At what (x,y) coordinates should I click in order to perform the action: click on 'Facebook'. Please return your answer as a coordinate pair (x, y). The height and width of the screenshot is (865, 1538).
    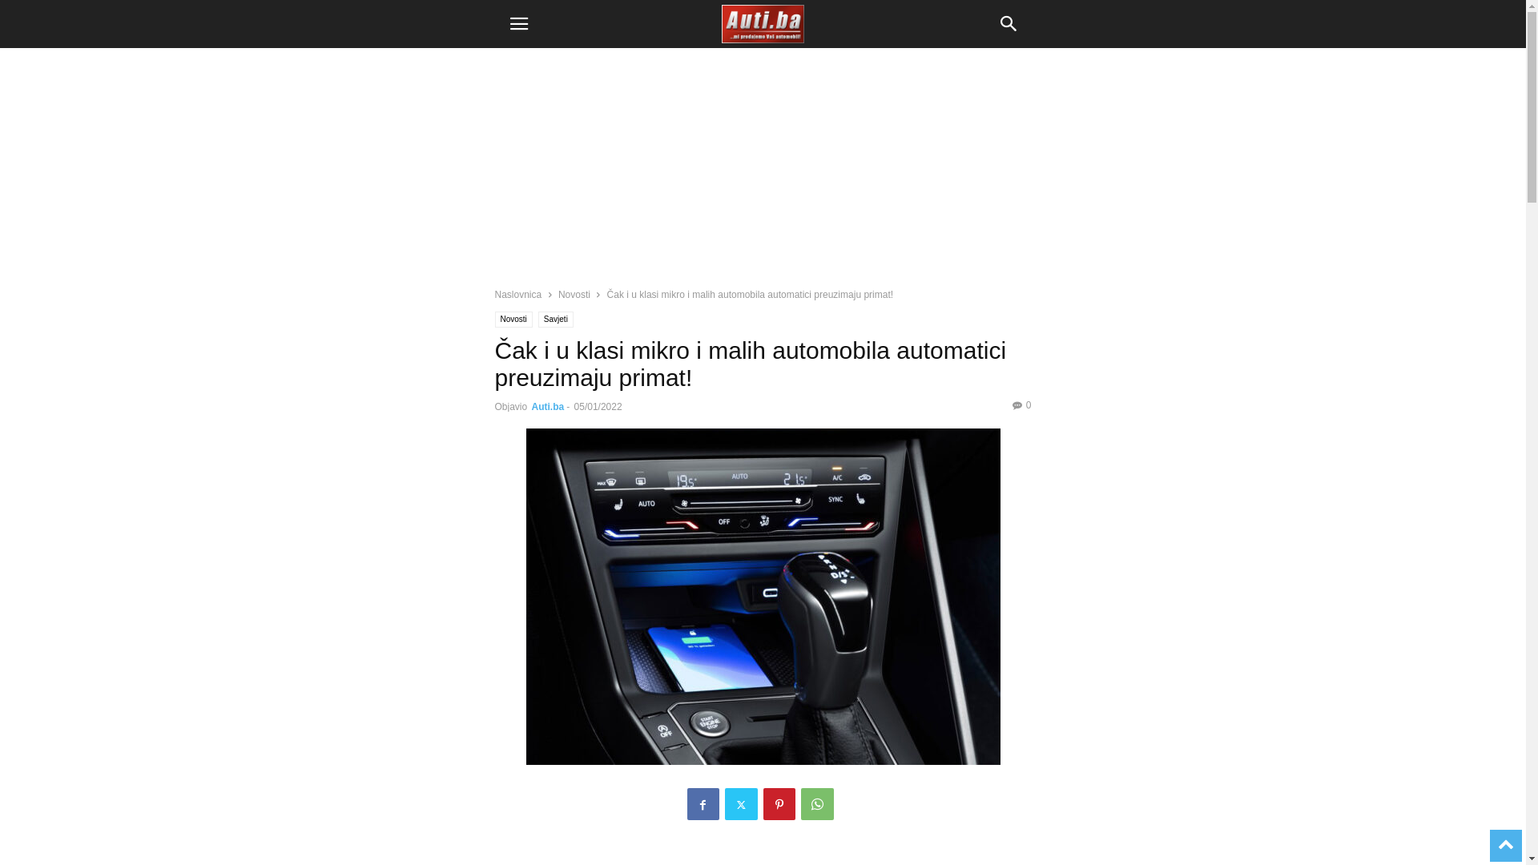
    Looking at the image, I should click on (703, 803).